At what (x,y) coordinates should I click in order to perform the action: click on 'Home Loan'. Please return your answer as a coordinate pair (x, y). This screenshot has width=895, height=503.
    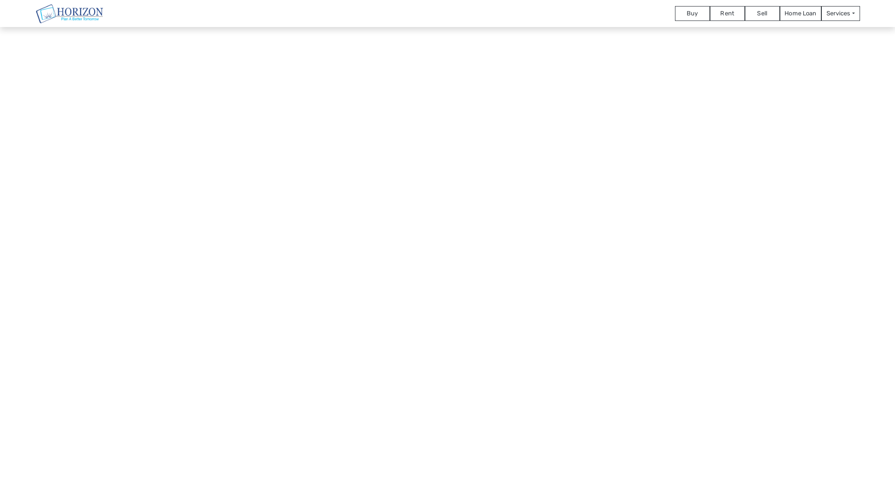
    Looking at the image, I should click on (800, 13).